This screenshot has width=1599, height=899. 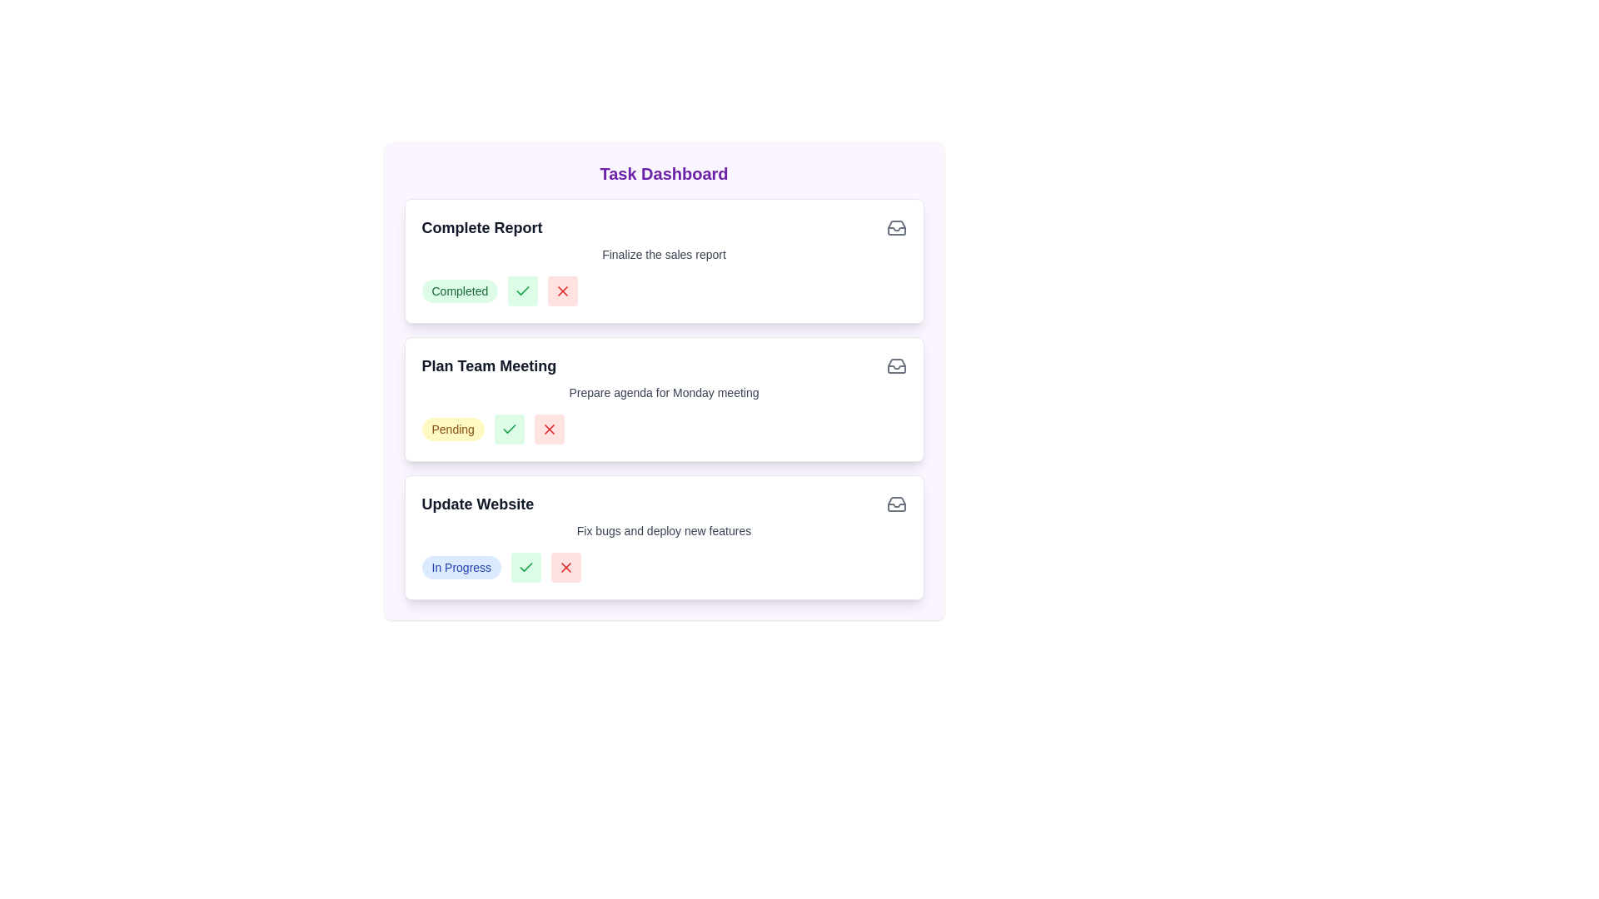 I want to click on the task titled 'Complete Report' to view its details, so click(x=481, y=227).